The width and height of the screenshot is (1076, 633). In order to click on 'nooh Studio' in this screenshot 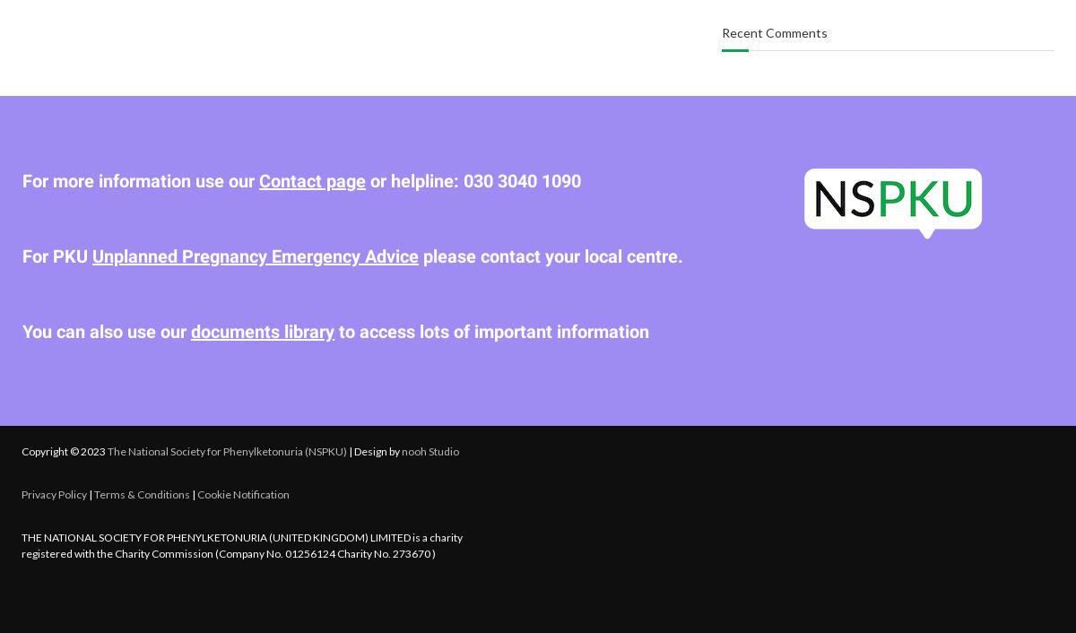, I will do `click(430, 449)`.